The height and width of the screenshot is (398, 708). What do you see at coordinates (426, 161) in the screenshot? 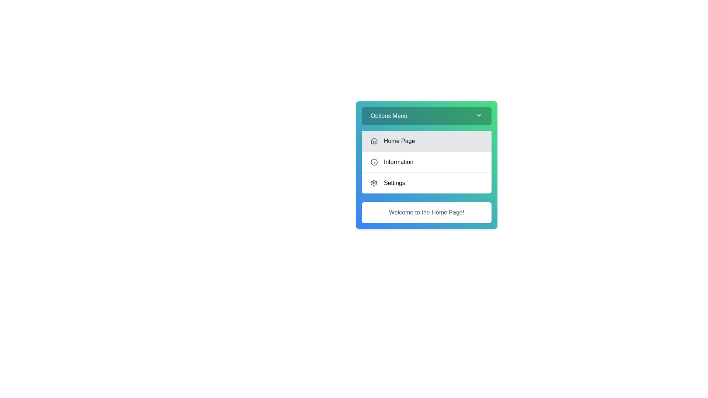
I see `a menu item from the vertical navigation menu located within the green and blue gradient box labeled 'Options Menu' by clicking on its center point` at bounding box center [426, 161].